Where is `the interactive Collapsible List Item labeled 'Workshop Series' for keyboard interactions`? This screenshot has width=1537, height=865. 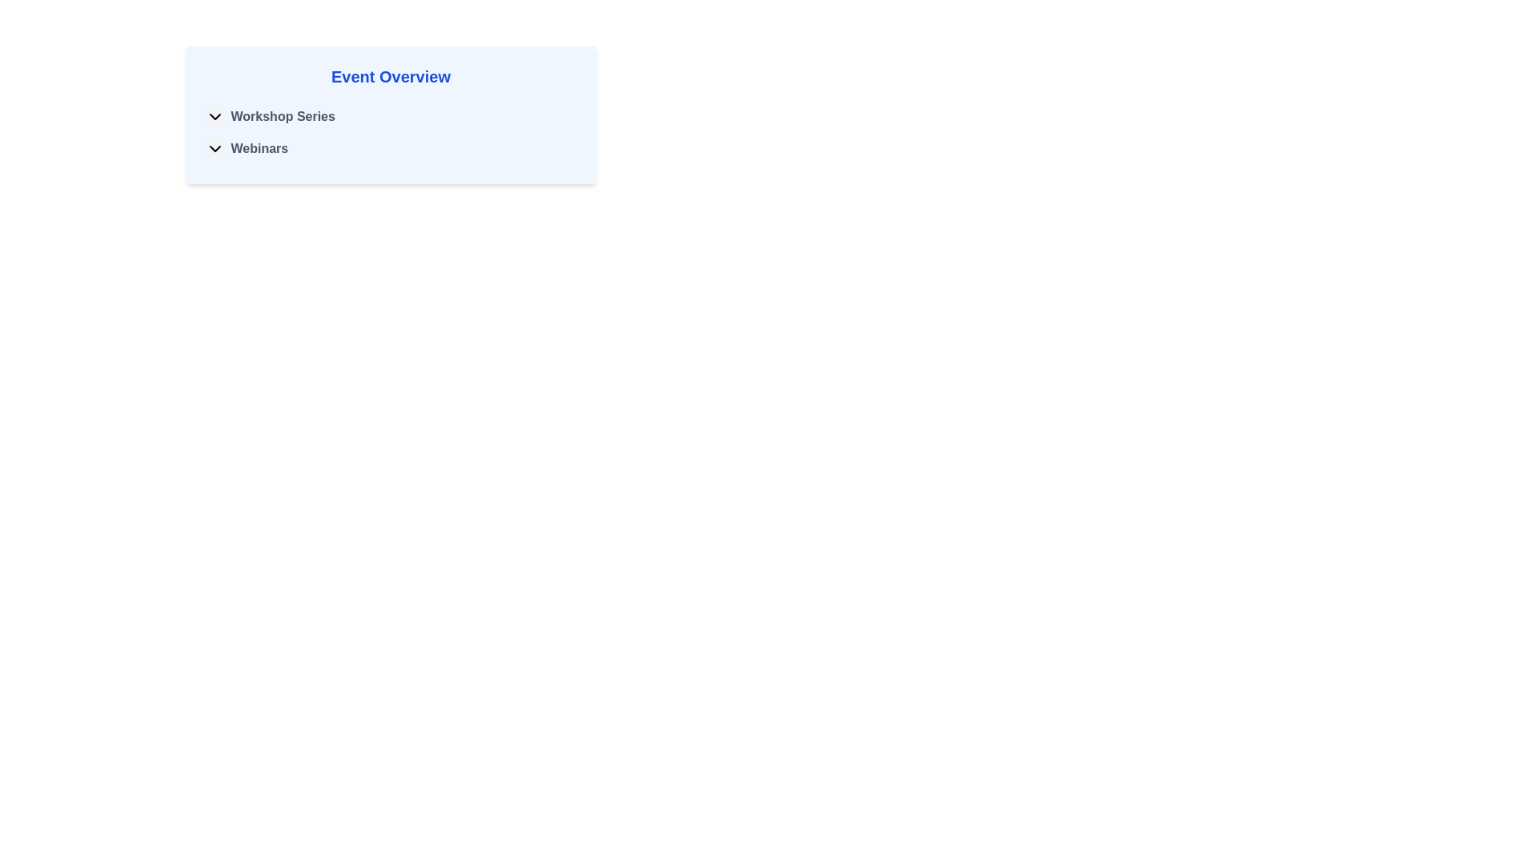
the interactive Collapsible List Item labeled 'Workshop Series' for keyboard interactions is located at coordinates (391, 116).